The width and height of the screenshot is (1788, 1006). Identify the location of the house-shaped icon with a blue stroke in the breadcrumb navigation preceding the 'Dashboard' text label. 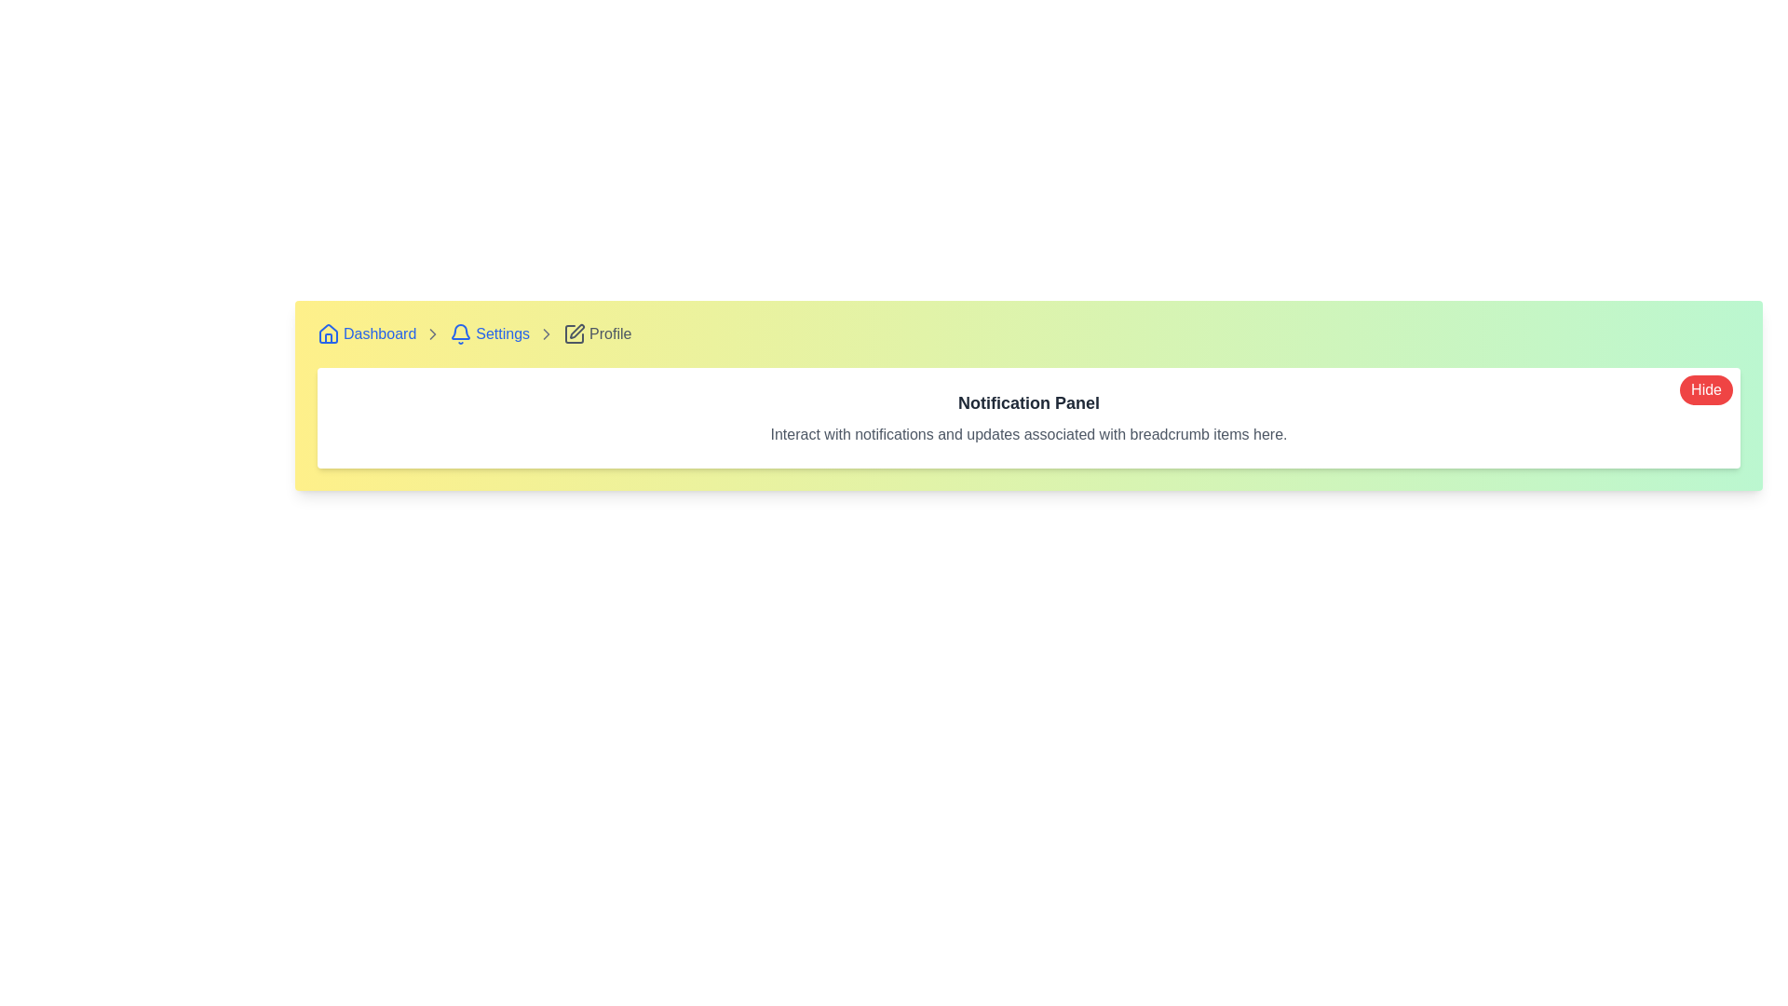
(329, 333).